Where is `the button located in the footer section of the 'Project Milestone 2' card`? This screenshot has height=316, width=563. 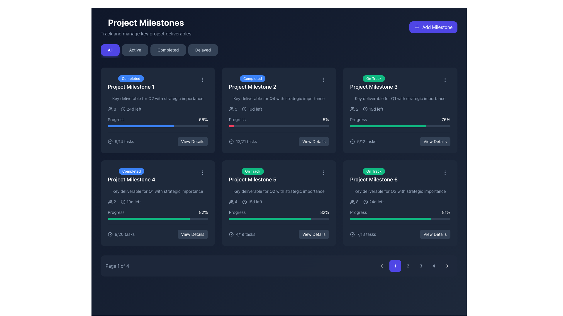 the button located in the footer section of the 'Project Milestone 2' card is located at coordinates (313, 141).